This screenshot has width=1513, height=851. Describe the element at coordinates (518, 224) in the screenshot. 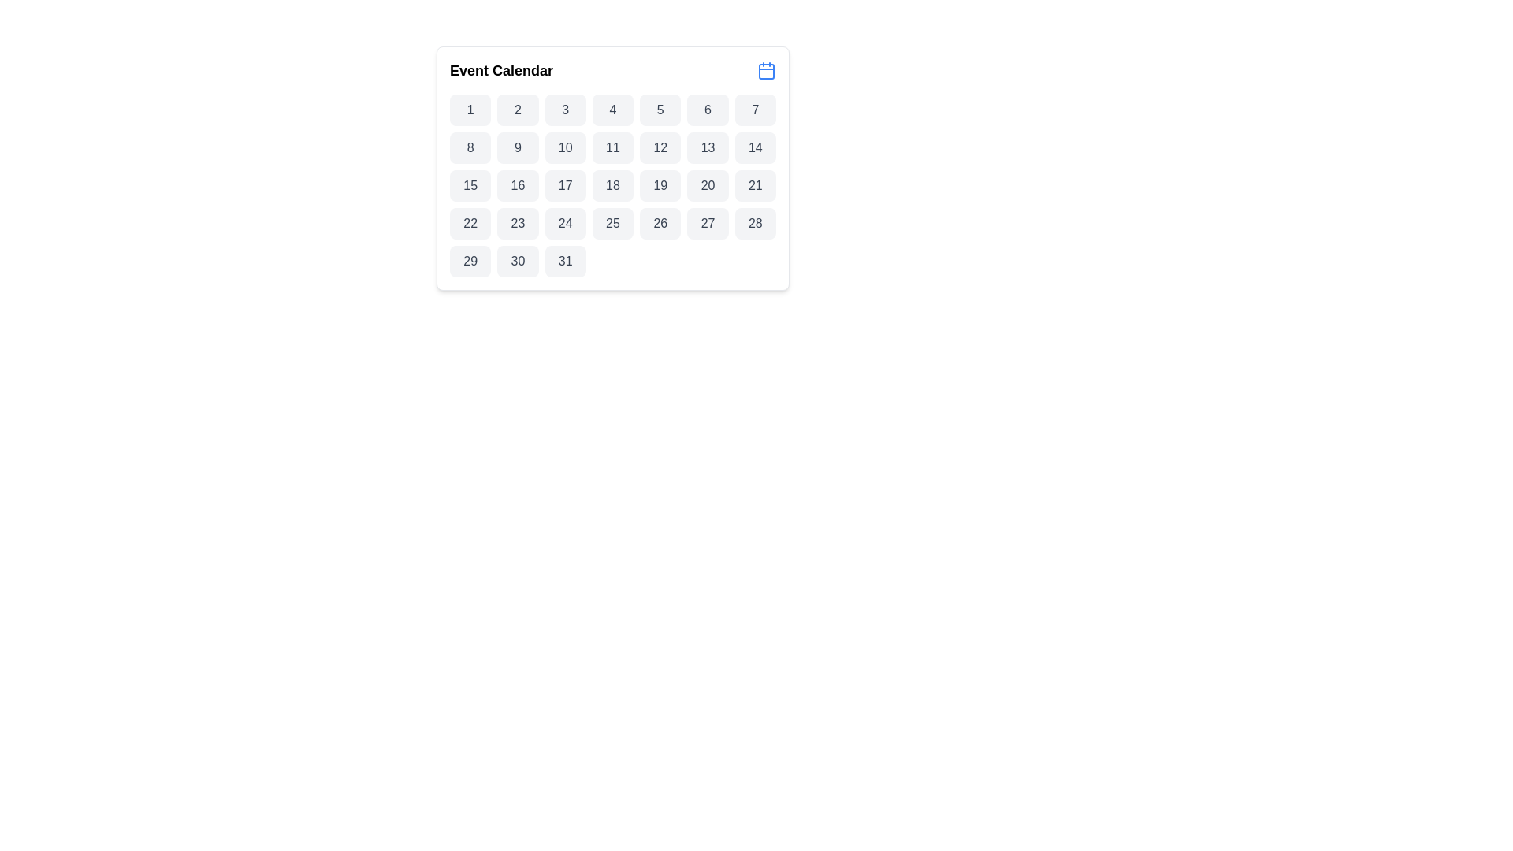

I see `the button displaying '23' in a bold and centered font` at that location.